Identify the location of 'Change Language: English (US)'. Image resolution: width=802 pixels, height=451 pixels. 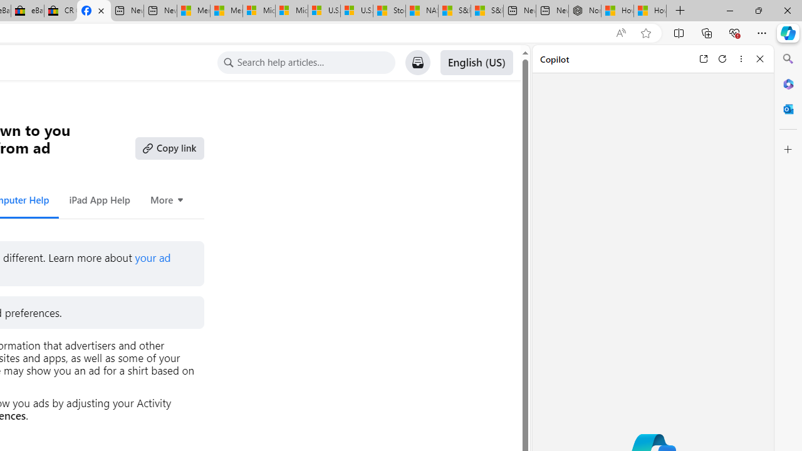
(476, 63).